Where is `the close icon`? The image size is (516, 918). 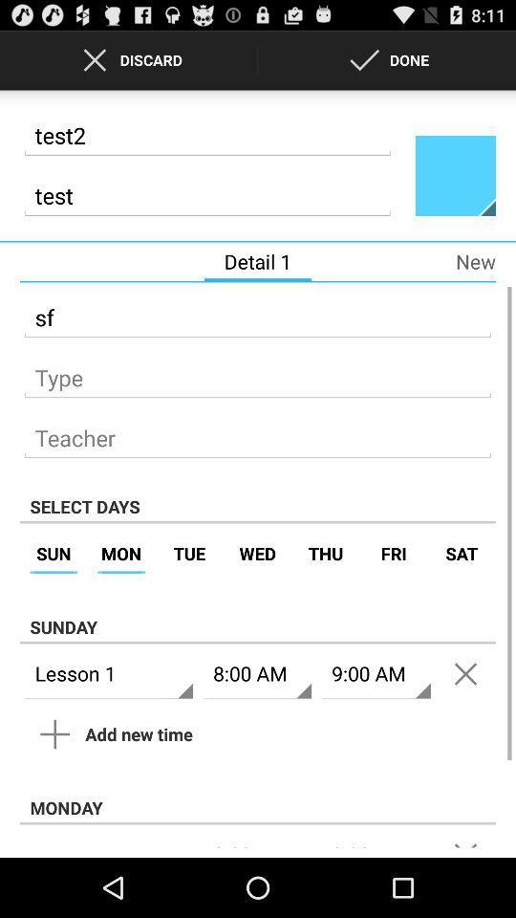 the close icon is located at coordinates (464, 720).